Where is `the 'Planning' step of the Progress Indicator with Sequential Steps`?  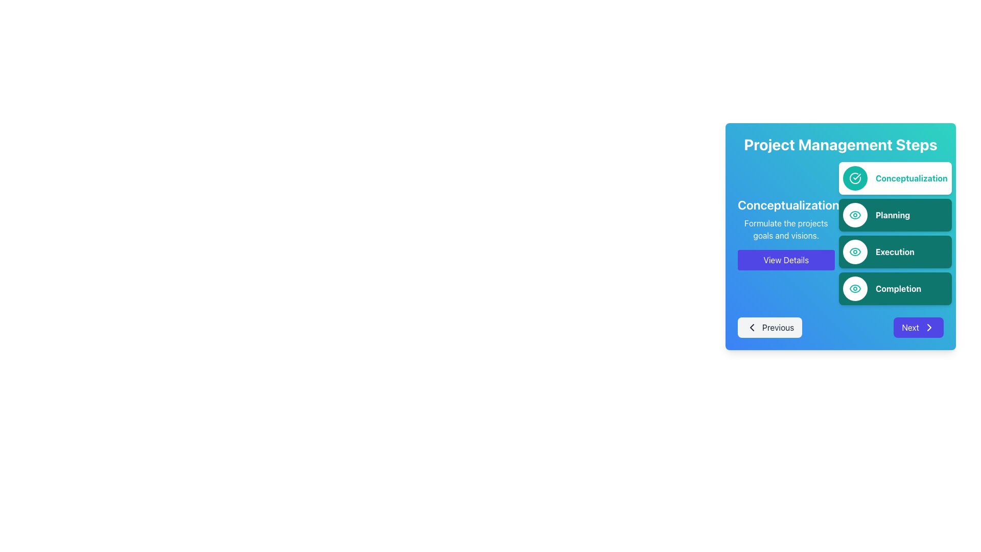 the 'Planning' step of the Progress Indicator with Sequential Steps is located at coordinates (895, 233).